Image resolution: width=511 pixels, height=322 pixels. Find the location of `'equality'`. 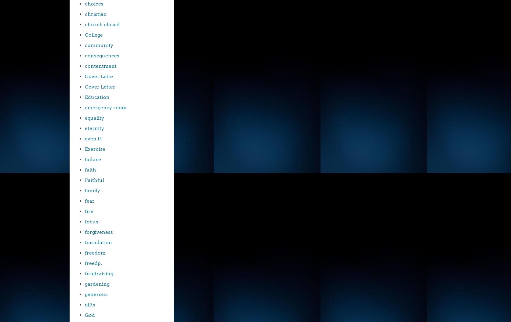

'equality' is located at coordinates (94, 118).